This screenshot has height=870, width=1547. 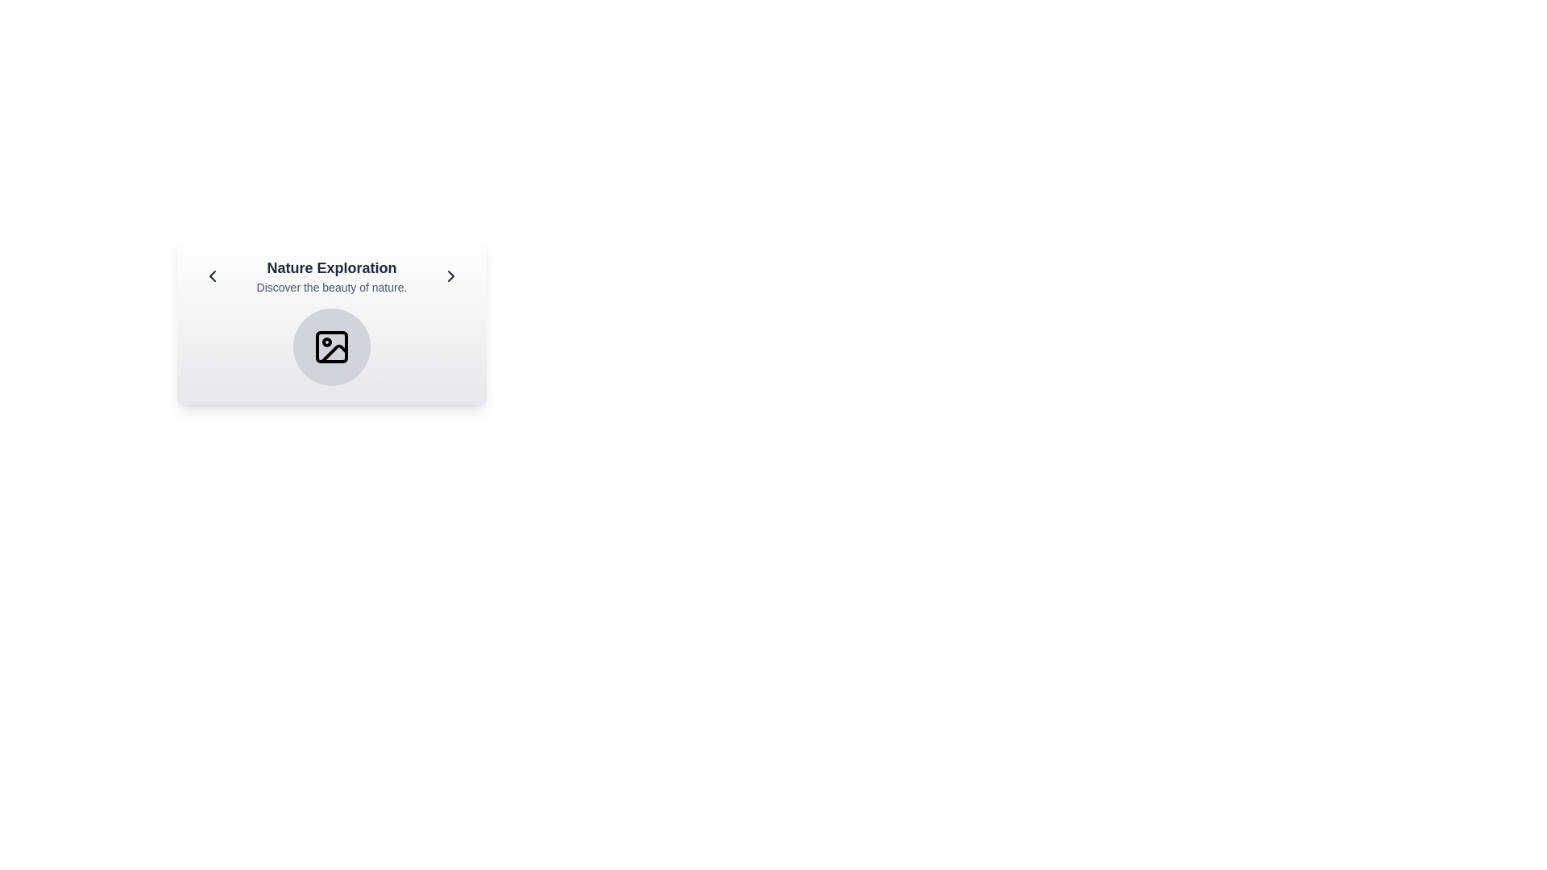 I want to click on the text block containing the phrase 'Discover the beauty of nature.' which is positioned centrally beneath the main title 'Nature Exploration', so click(x=331, y=287).